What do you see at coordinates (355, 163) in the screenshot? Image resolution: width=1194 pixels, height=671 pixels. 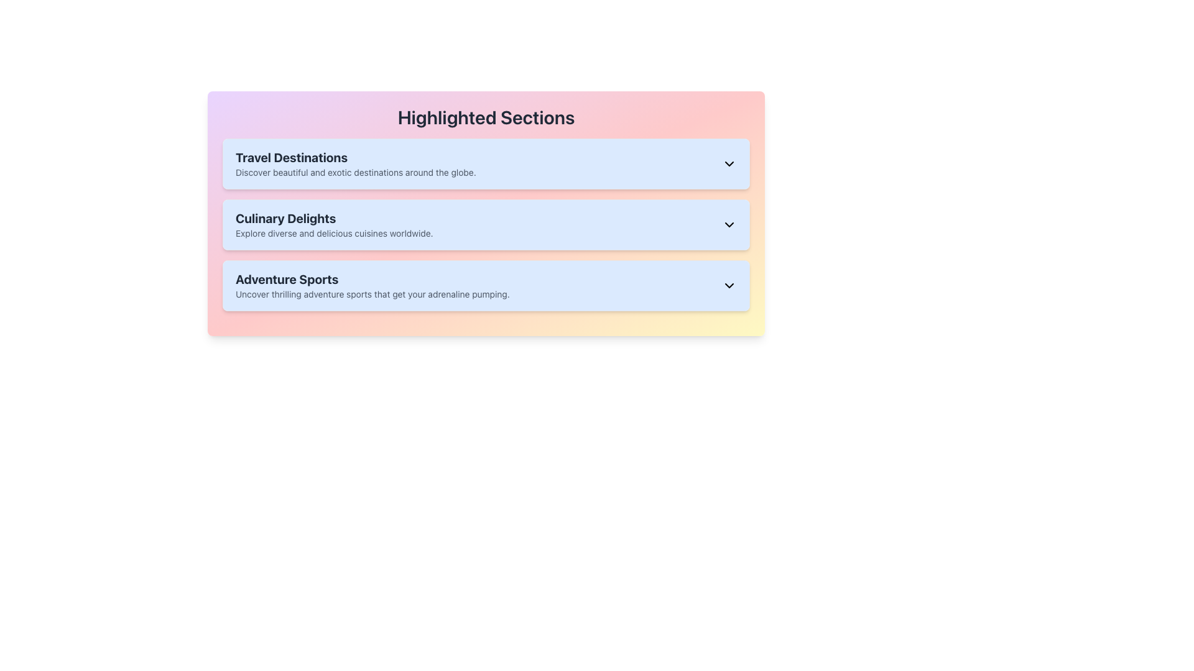 I see `the 'Travel Destinations' textual information section, which features bold text in a light blue background and is positioned at the top of the list before 'Culinary Delights' and 'Adventure Sports'` at bounding box center [355, 163].